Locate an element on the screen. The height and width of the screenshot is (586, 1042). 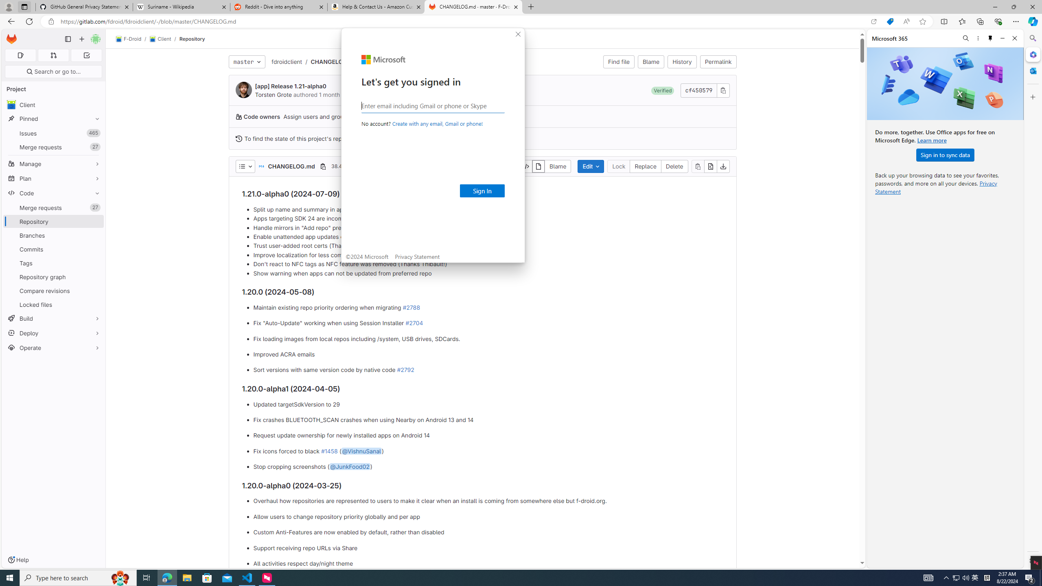
'Microsoft Store' is located at coordinates (207, 577).